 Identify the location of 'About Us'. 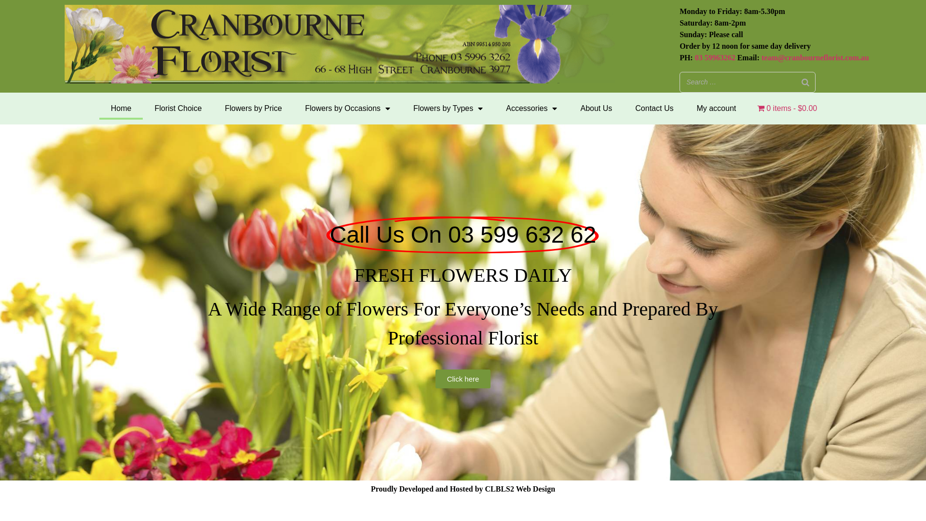
(596, 108).